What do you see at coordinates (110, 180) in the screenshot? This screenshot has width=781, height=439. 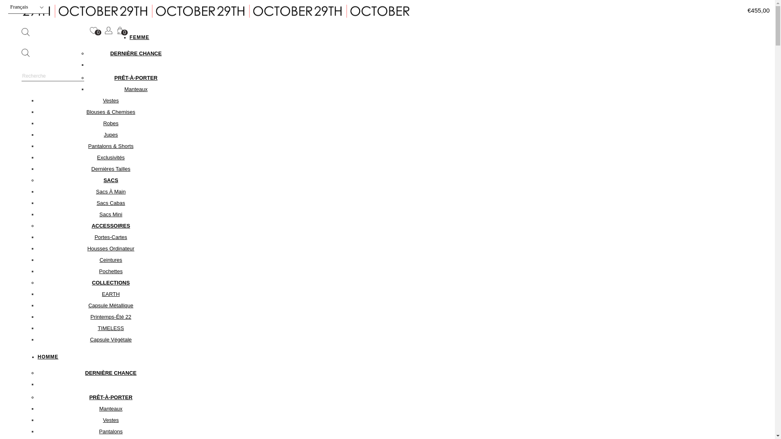 I see `'SACS'` at bounding box center [110, 180].